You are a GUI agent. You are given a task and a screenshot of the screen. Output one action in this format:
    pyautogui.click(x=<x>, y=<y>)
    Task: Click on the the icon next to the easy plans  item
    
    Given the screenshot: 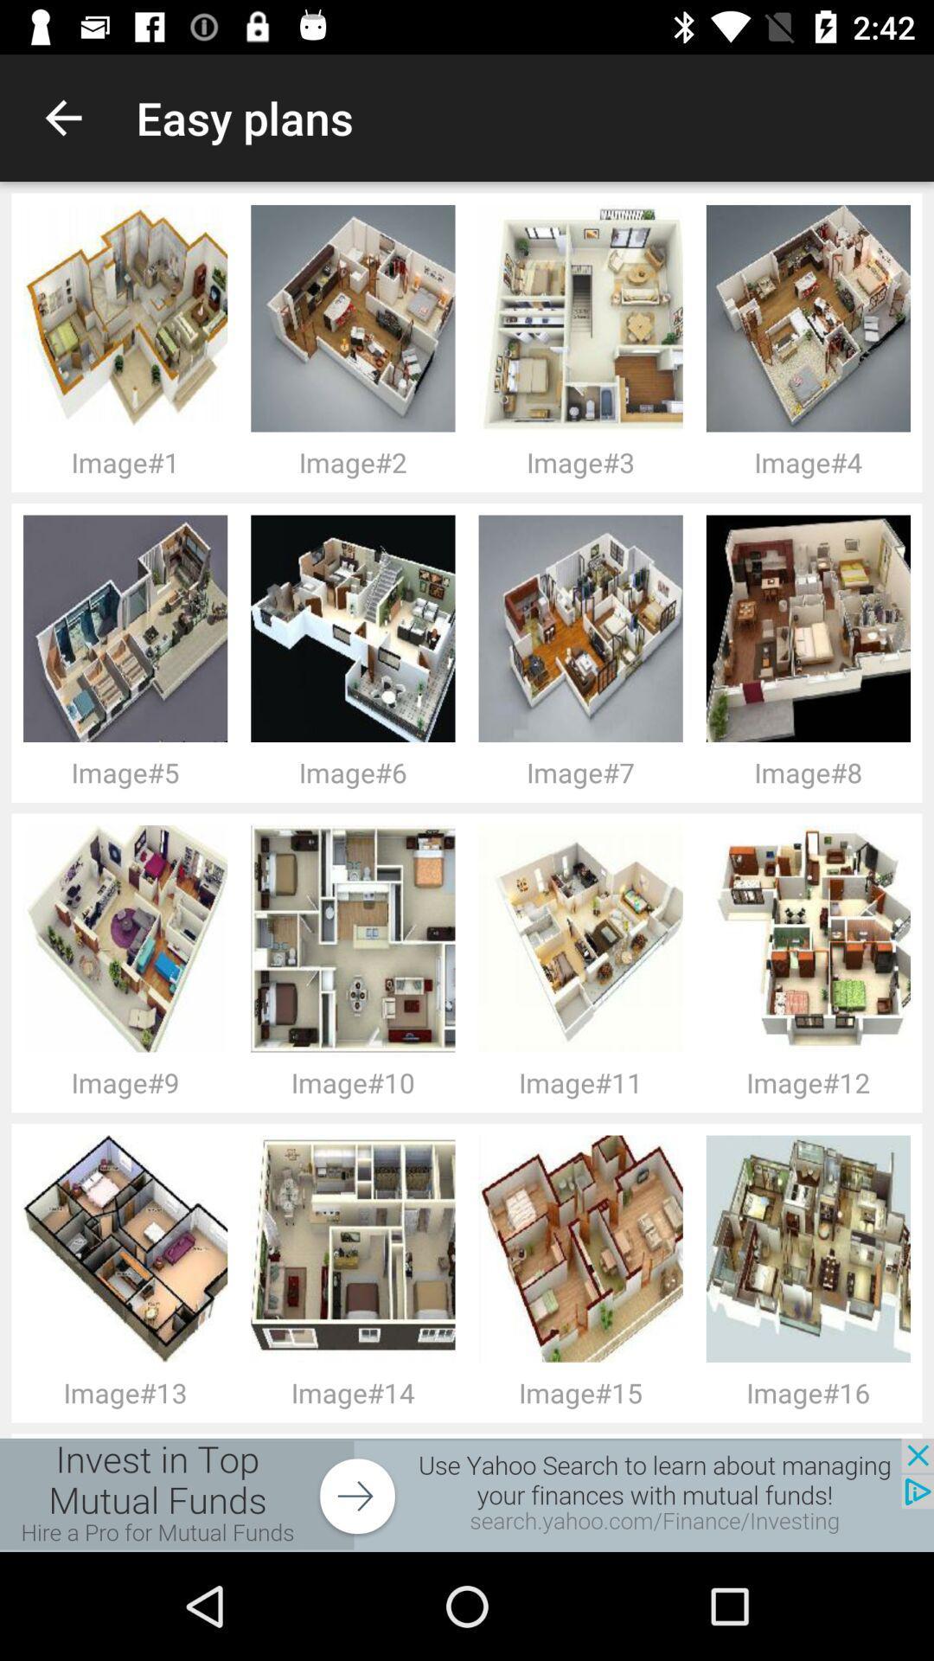 What is the action you would take?
    pyautogui.click(x=62, y=117)
    